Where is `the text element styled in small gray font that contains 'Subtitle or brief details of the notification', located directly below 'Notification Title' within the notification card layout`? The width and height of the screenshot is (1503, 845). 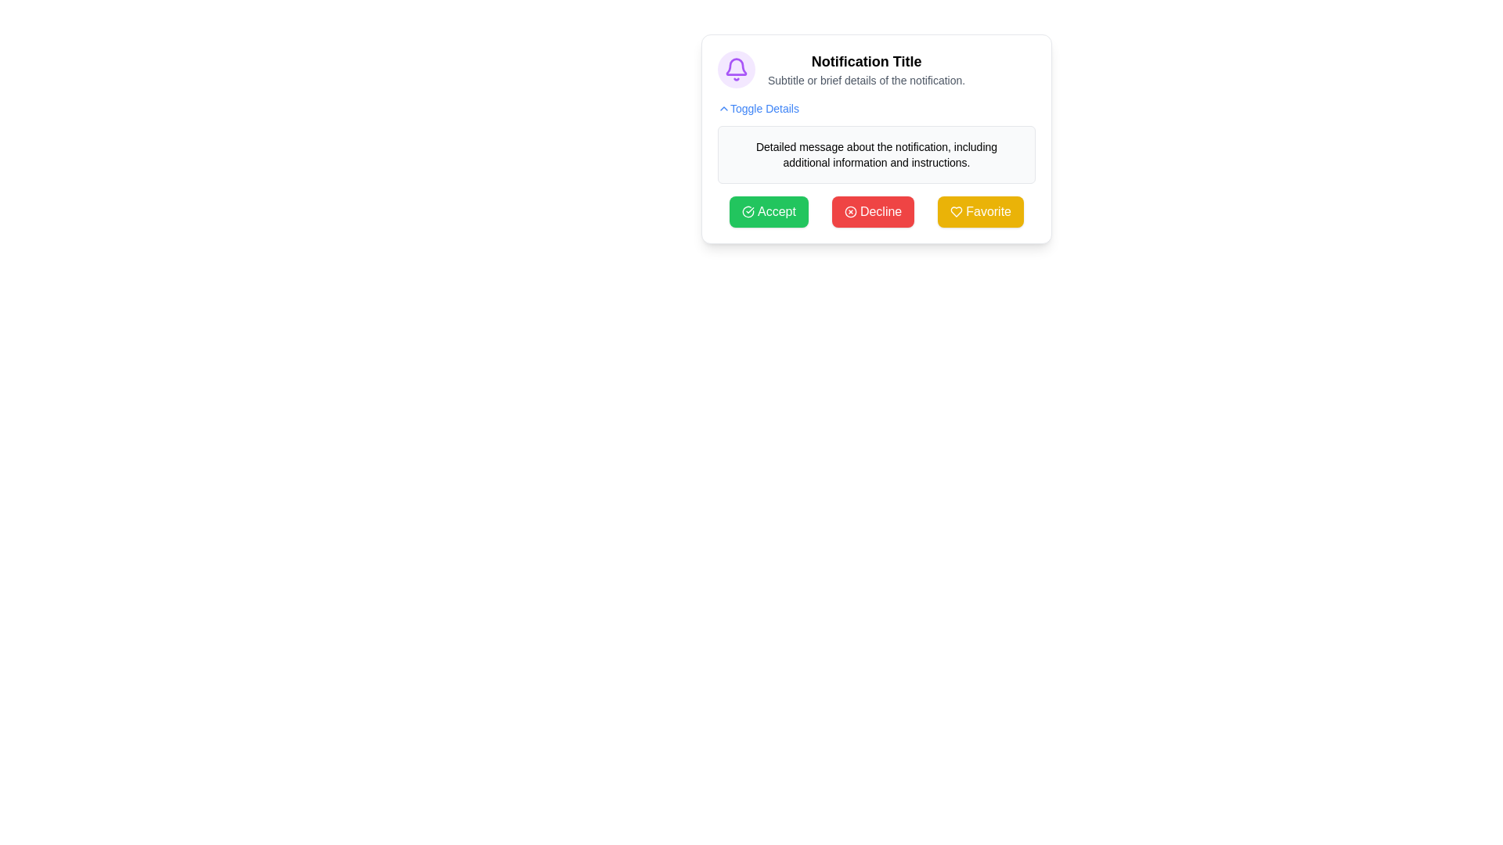
the text element styled in small gray font that contains 'Subtitle or brief details of the notification', located directly below 'Notification Title' within the notification card layout is located at coordinates (866, 81).